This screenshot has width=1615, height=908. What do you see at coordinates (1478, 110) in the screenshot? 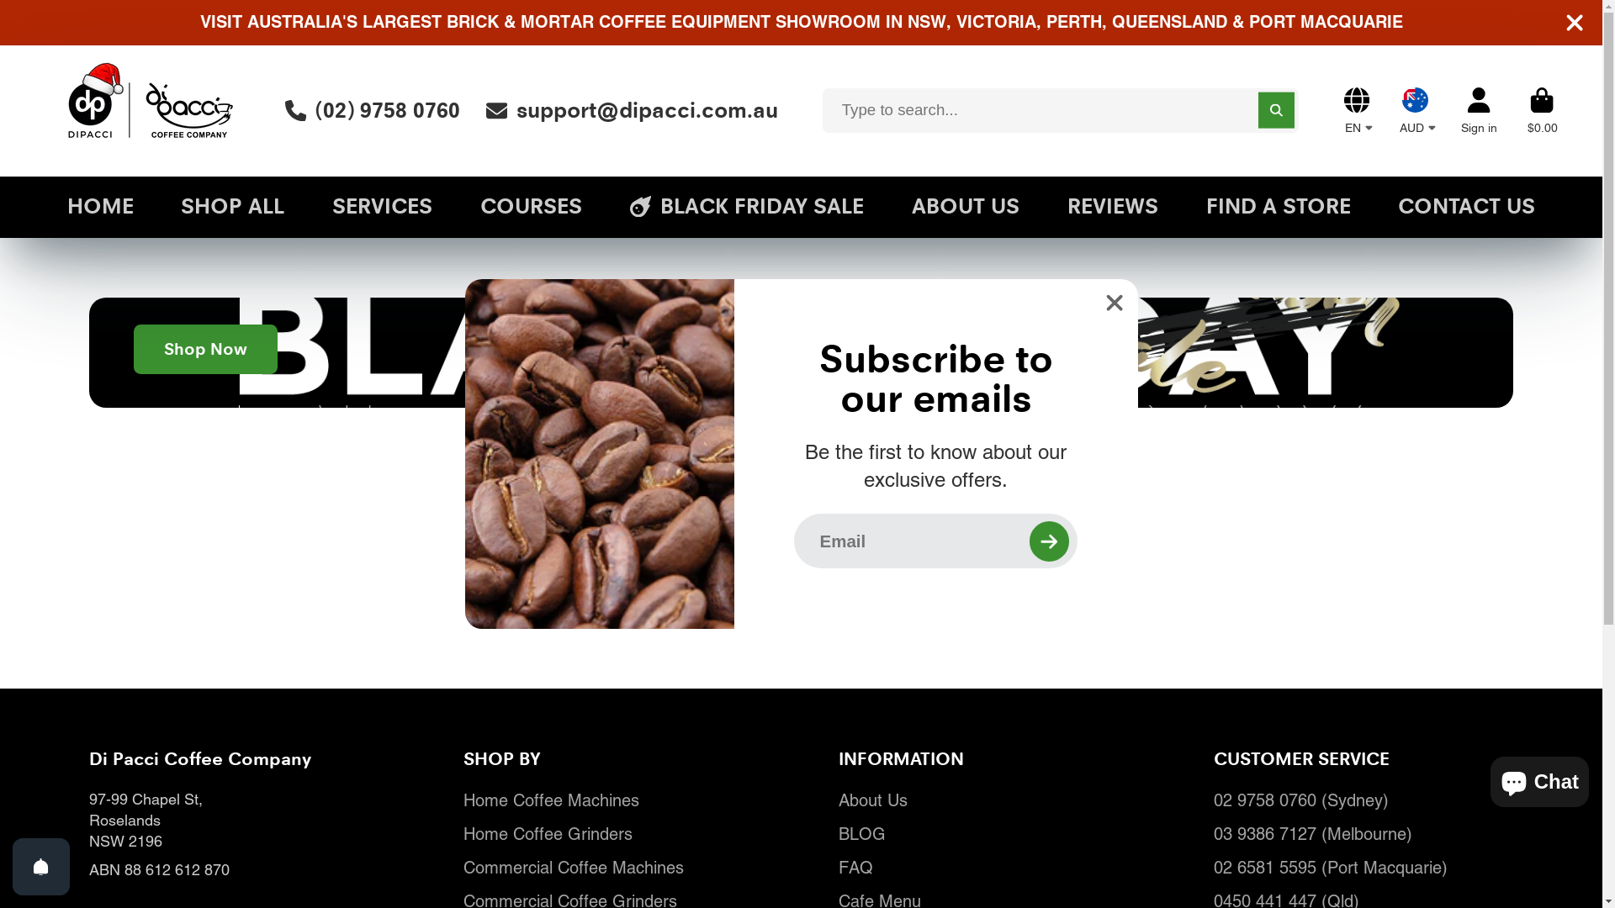
I see `'Account'` at bounding box center [1478, 110].